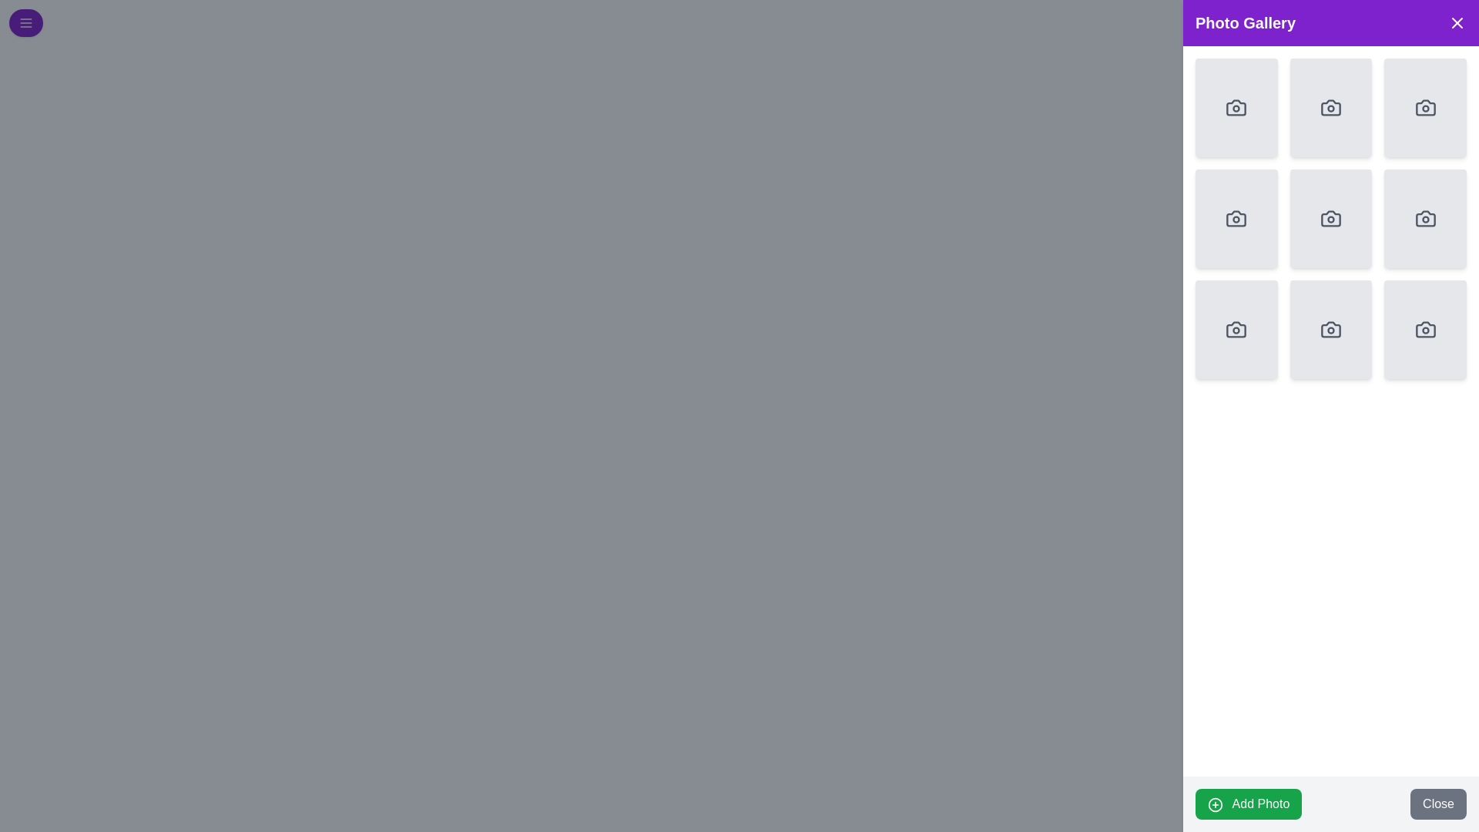 This screenshot has width=1479, height=832. What do you see at coordinates (1424, 219) in the screenshot?
I see `the empty square display box with a camera icon in the bottom-right corner of the 'Photo Gallery' panel` at bounding box center [1424, 219].